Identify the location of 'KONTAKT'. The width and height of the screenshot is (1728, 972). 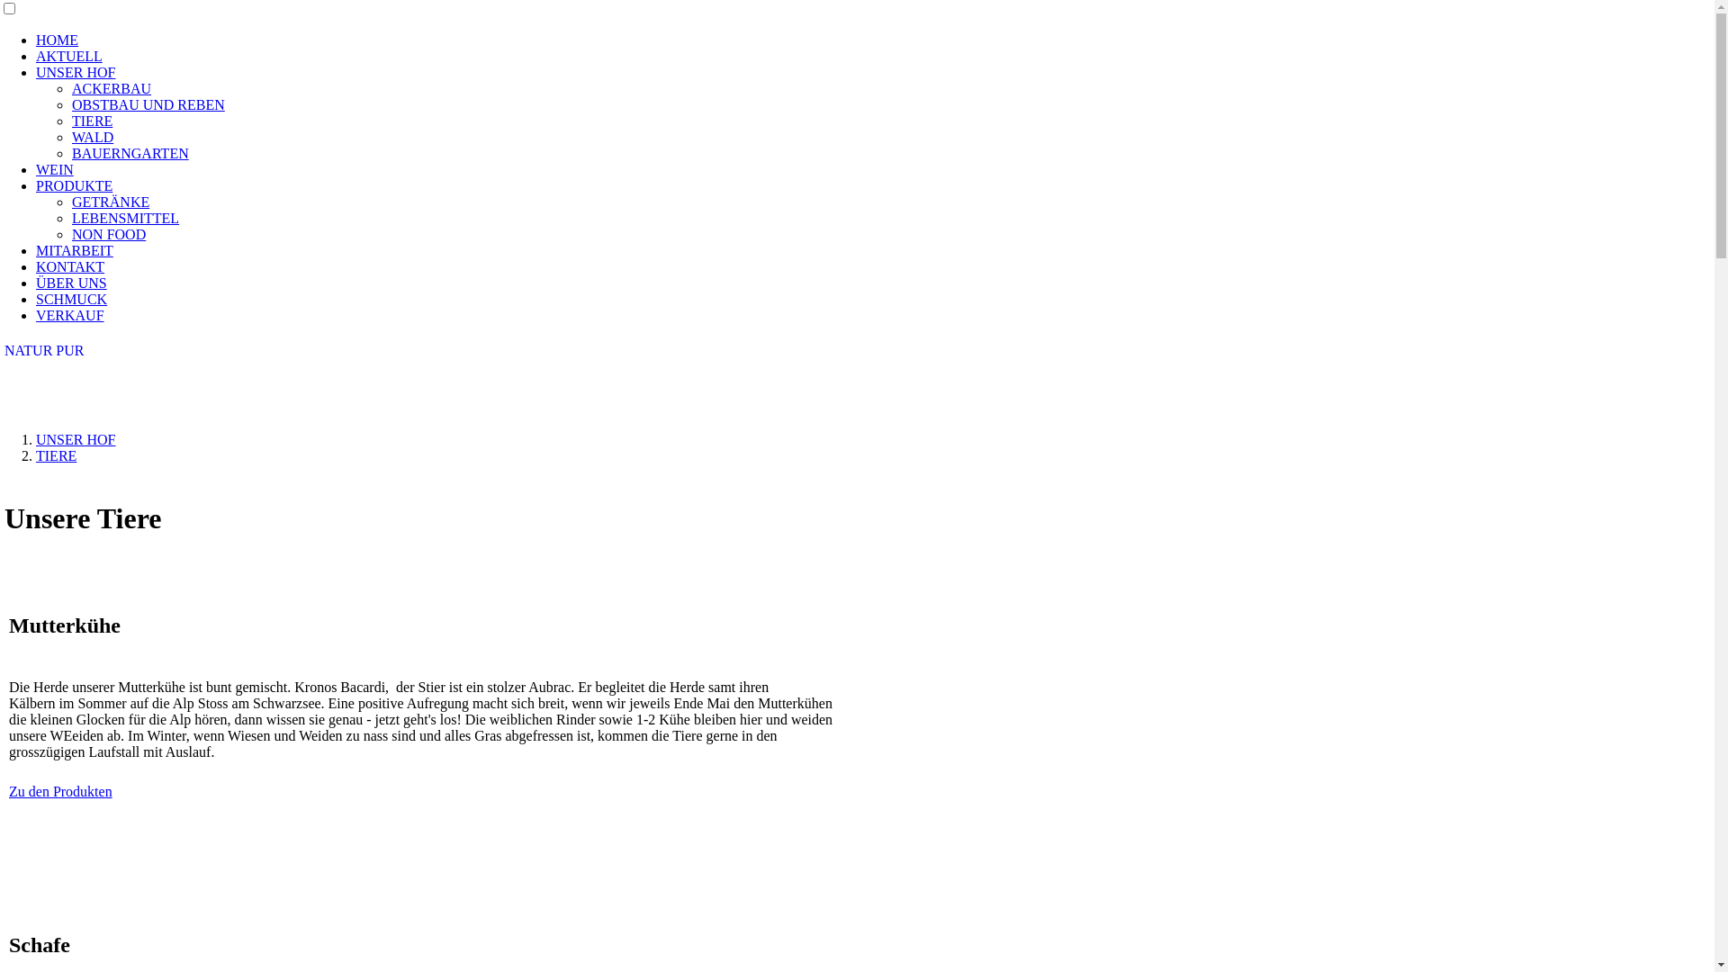
(69, 266).